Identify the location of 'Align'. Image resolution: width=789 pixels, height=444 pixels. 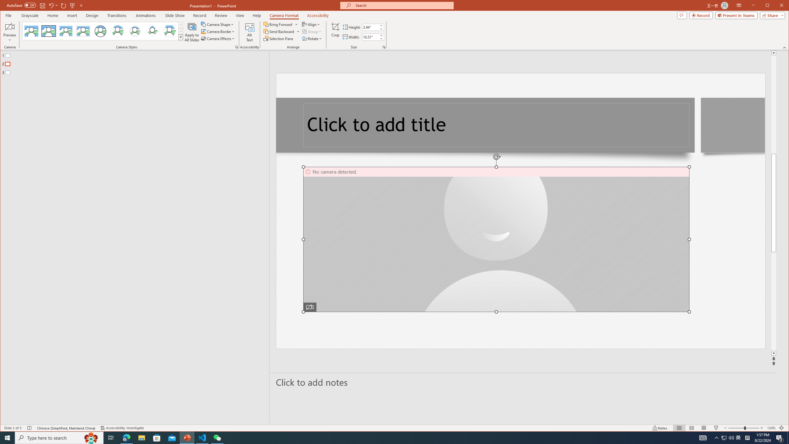
(311, 24).